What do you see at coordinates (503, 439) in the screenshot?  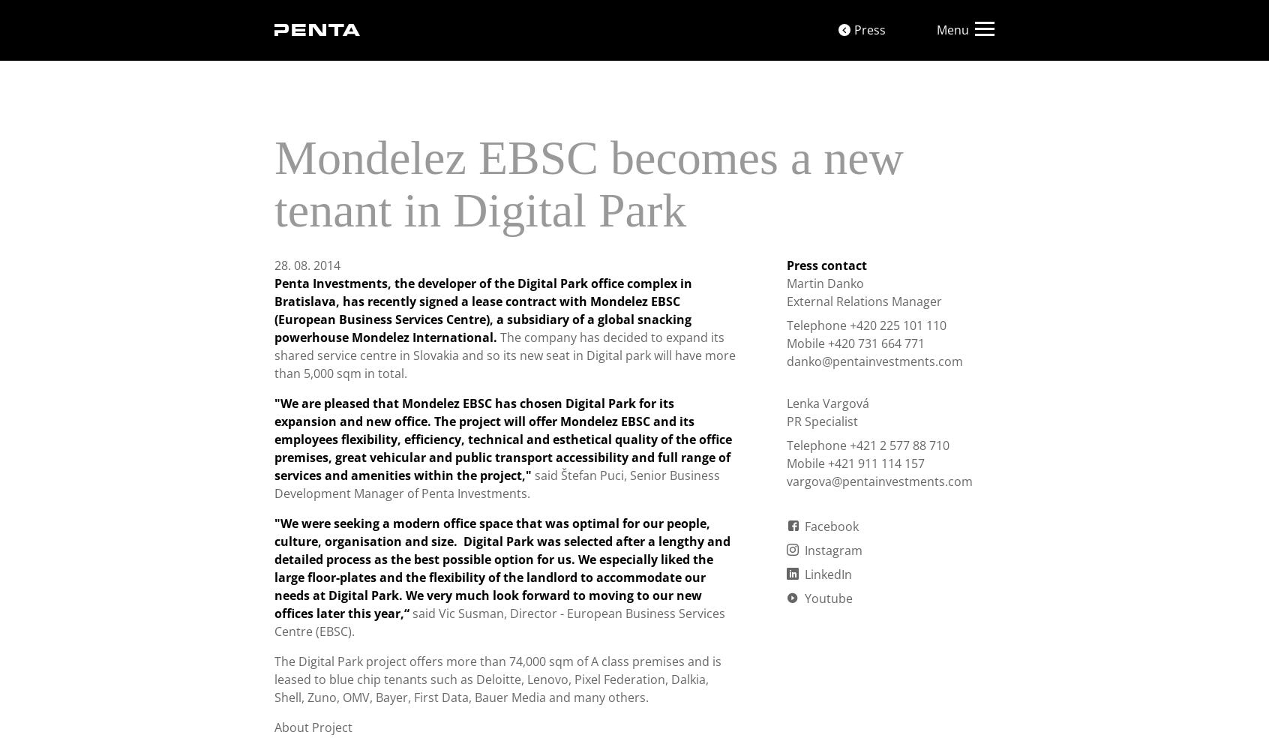 I see `'"We are pleased that Mondelez EBSC has chosen Digital Park for its expansion and new office. The project will offer Mondelez EBSC and its employees flexibility, efficiency, technical and esthetical quality of the office premises, great vehicular and public transport accessibility and full range of services and amenities within the project,"'` at bounding box center [503, 439].